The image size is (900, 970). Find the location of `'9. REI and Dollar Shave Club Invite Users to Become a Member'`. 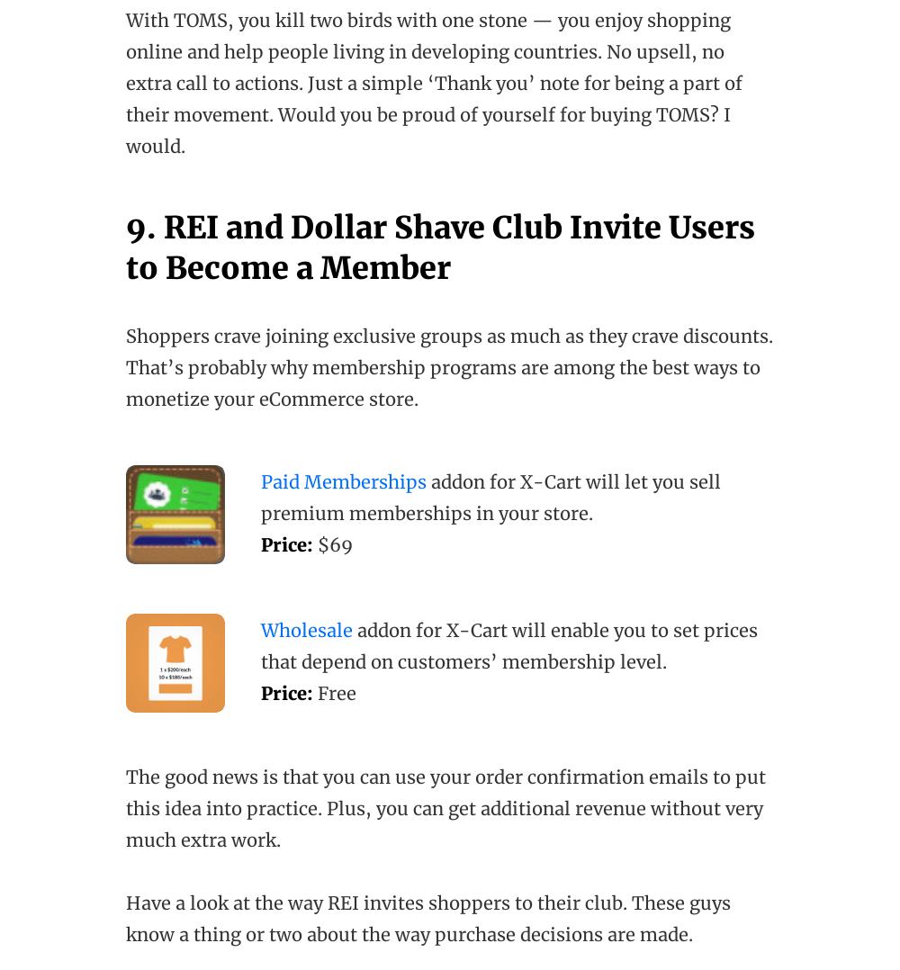

'9. REI and Dollar Shave Club Invite Users to Become a Member' is located at coordinates (439, 247).